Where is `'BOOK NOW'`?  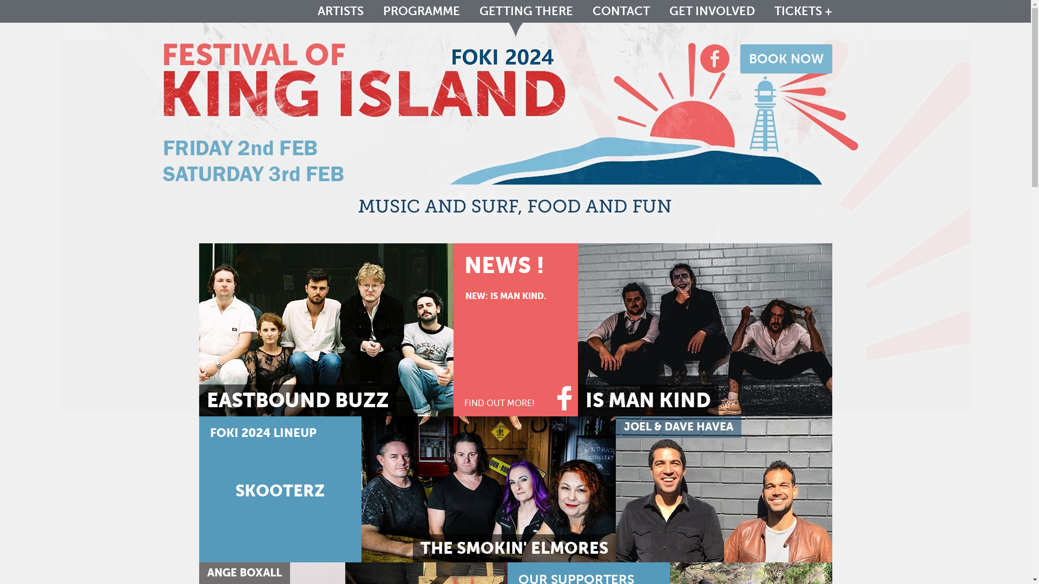 'BOOK NOW' is located at coordinates (786, 58).